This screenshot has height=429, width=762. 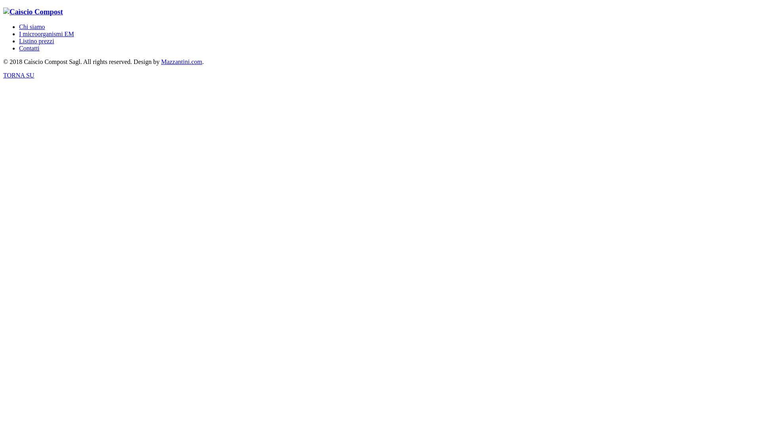 I want to click on 'Mazzantini.com', so click(x=181, y=61).